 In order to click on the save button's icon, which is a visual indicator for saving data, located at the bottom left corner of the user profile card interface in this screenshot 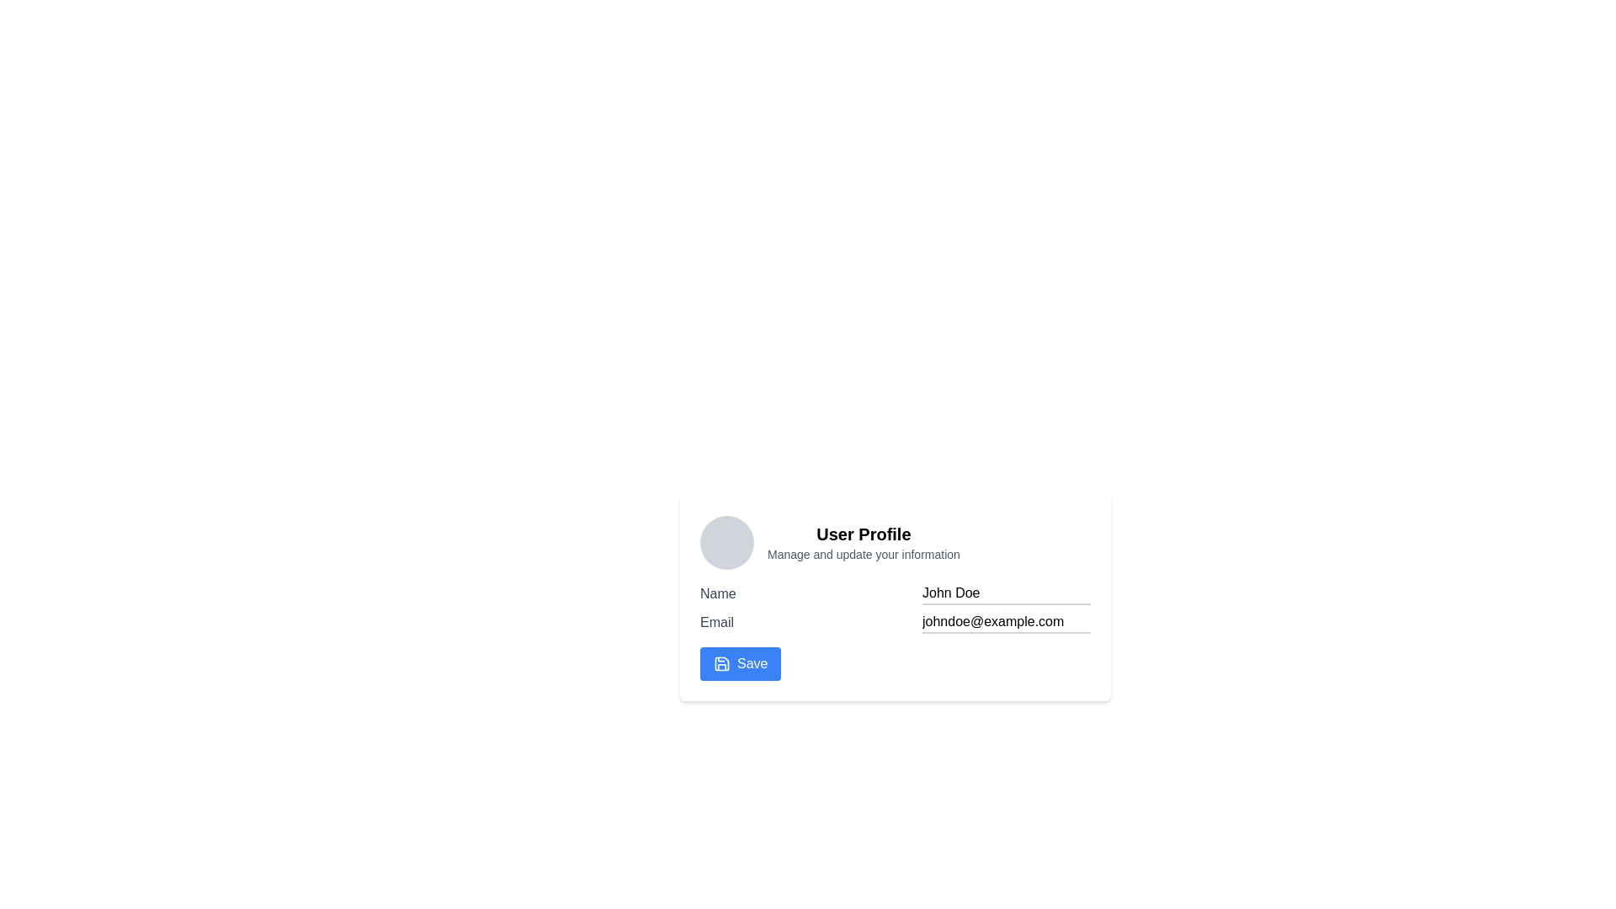, I will do `click(722, 663)`.